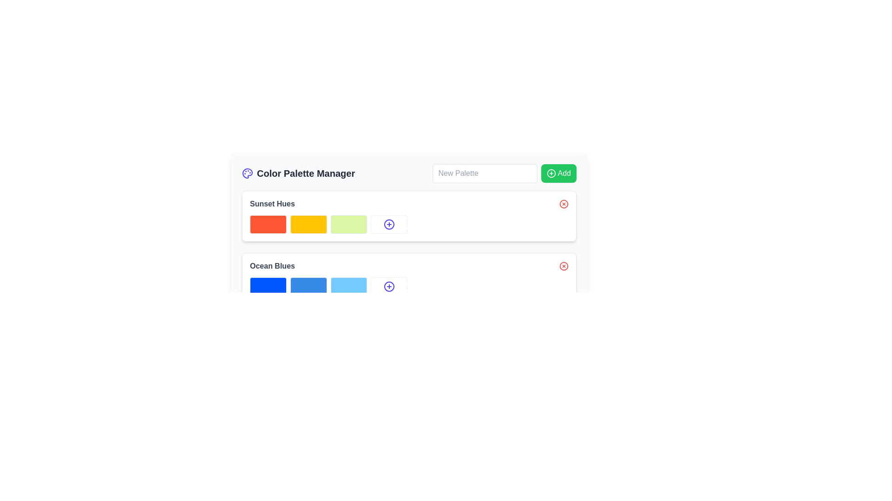 The height and width of the screenshot is (501, 892). Describe the element at coordinates (564, 266) in the screenshot. I see `the delete button located at the far right of the 'Ocean Blues' palette row to discard the associated data` at that location.